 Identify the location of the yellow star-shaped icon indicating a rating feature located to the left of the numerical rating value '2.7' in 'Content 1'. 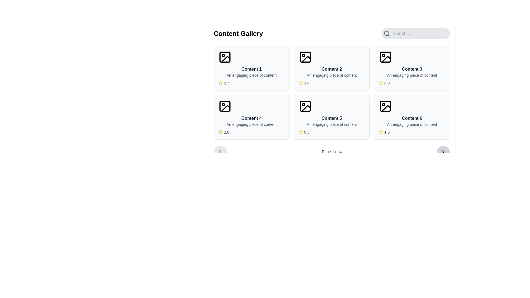
(220, 83).